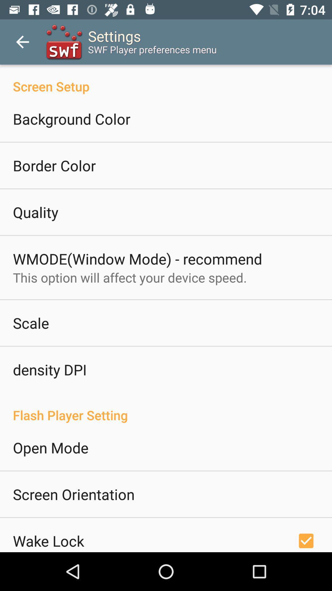 This screenshot has width=332, height=591. Describe the element at coordinates (137, 259) in the screenshot. I see `item above this option will` at that location.